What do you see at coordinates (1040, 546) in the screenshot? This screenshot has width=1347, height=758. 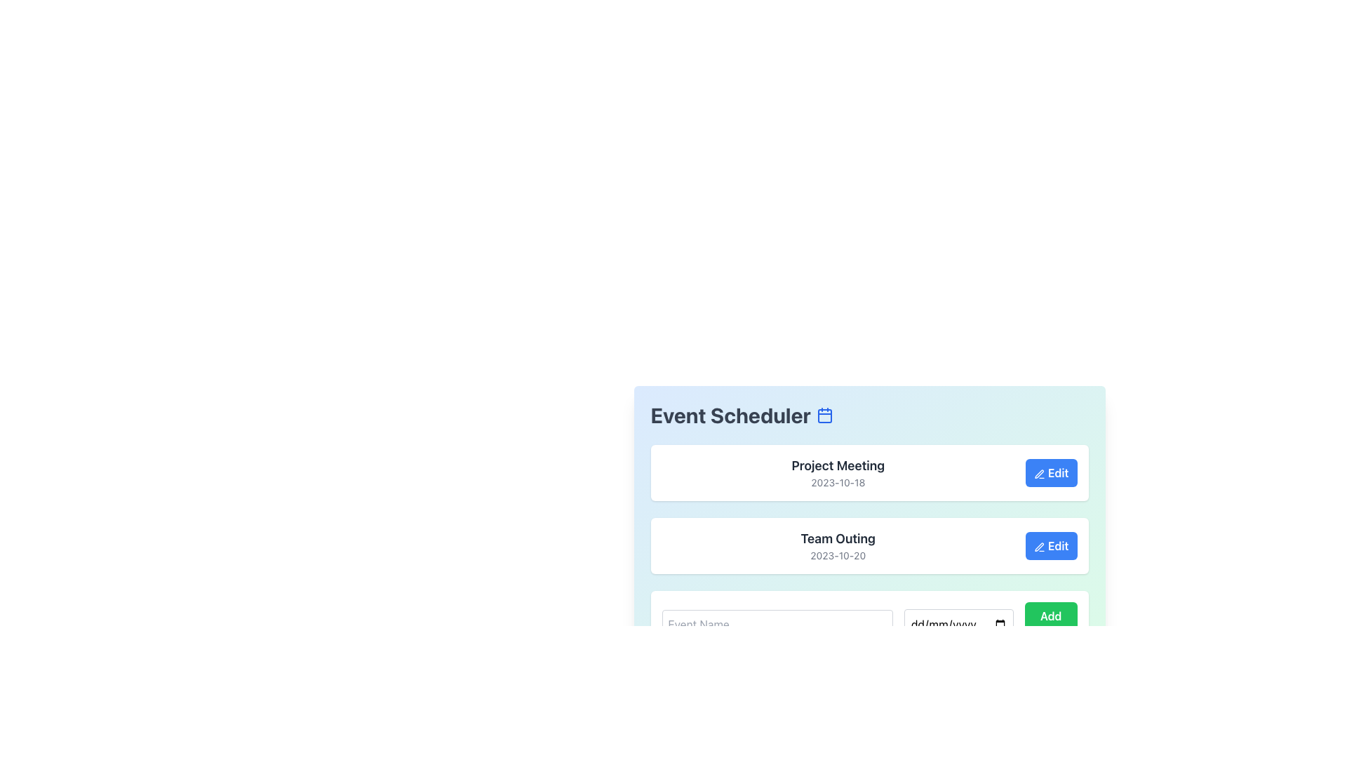 I see `the 'Edit' button icon to initiate editing for the entry labeled 'Team Outing 2023-10-20'` at bounding box center [1040, 546].